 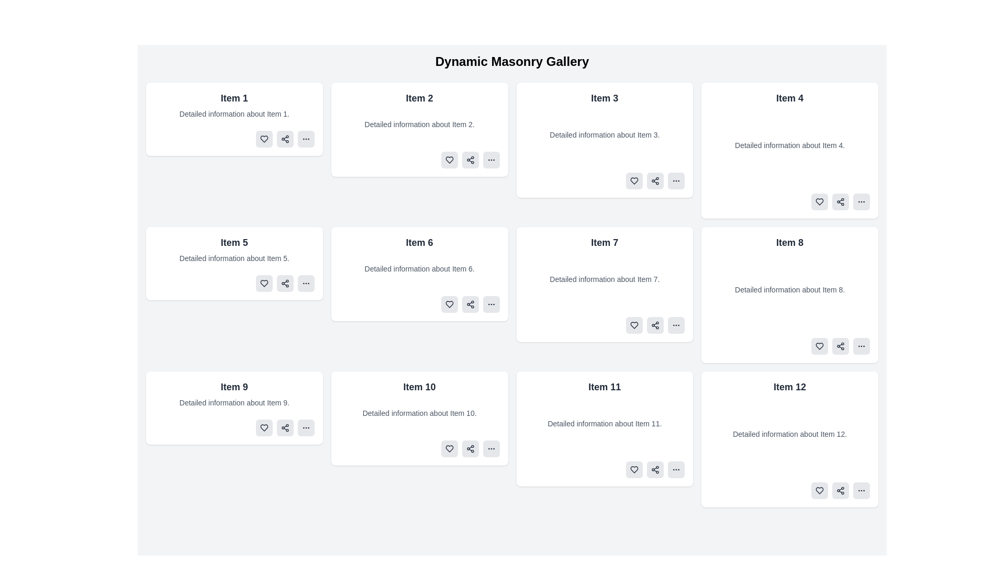 What do you see at coordinates (470, 160) in the screenshot?
I see `the 'share' icon button, which is a small icon styled as a triple-circle connected by lines, located in the bottom right corner of the 'Item 2' card` at bounding box center [470, 160].